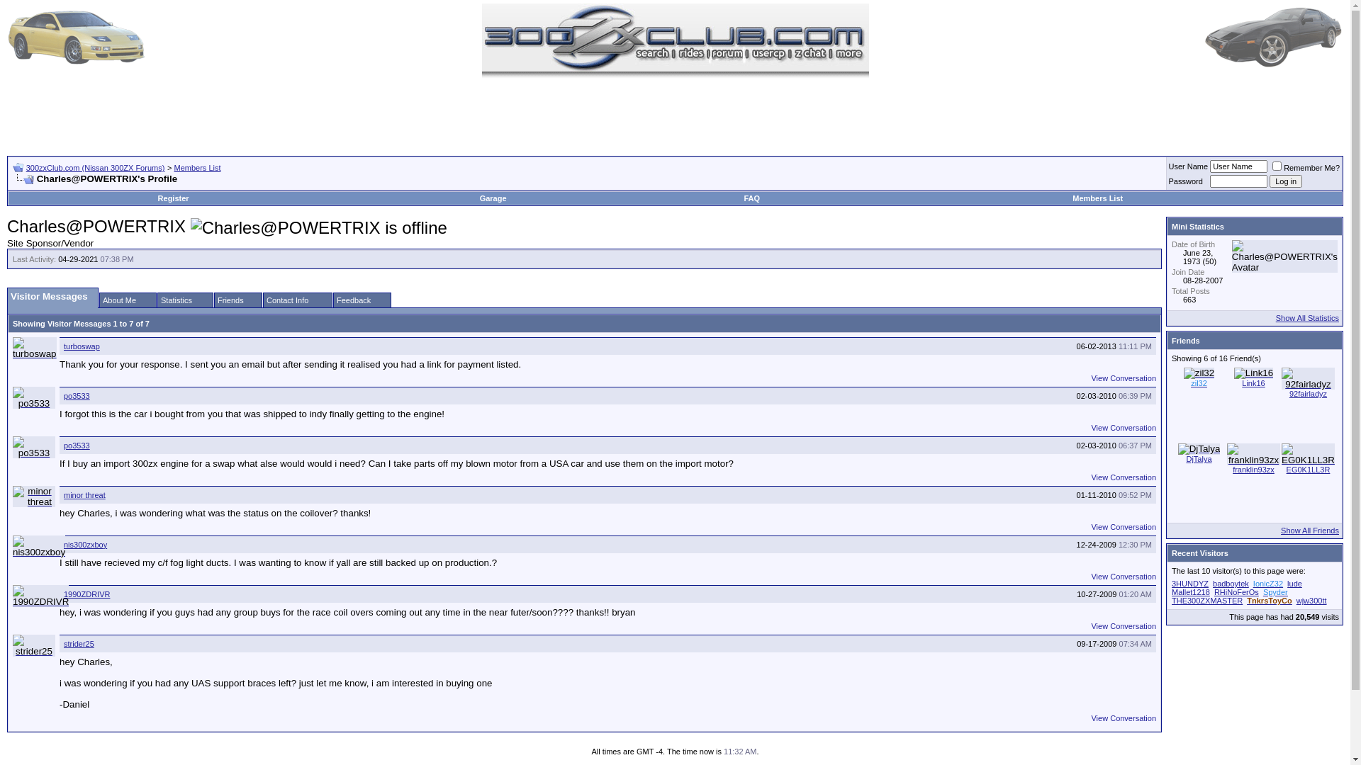 This screenshot has height=765, width=1361. Describe the element at coordinates (1286, 180) in the screenshot. I see `'Log in'` at that location.